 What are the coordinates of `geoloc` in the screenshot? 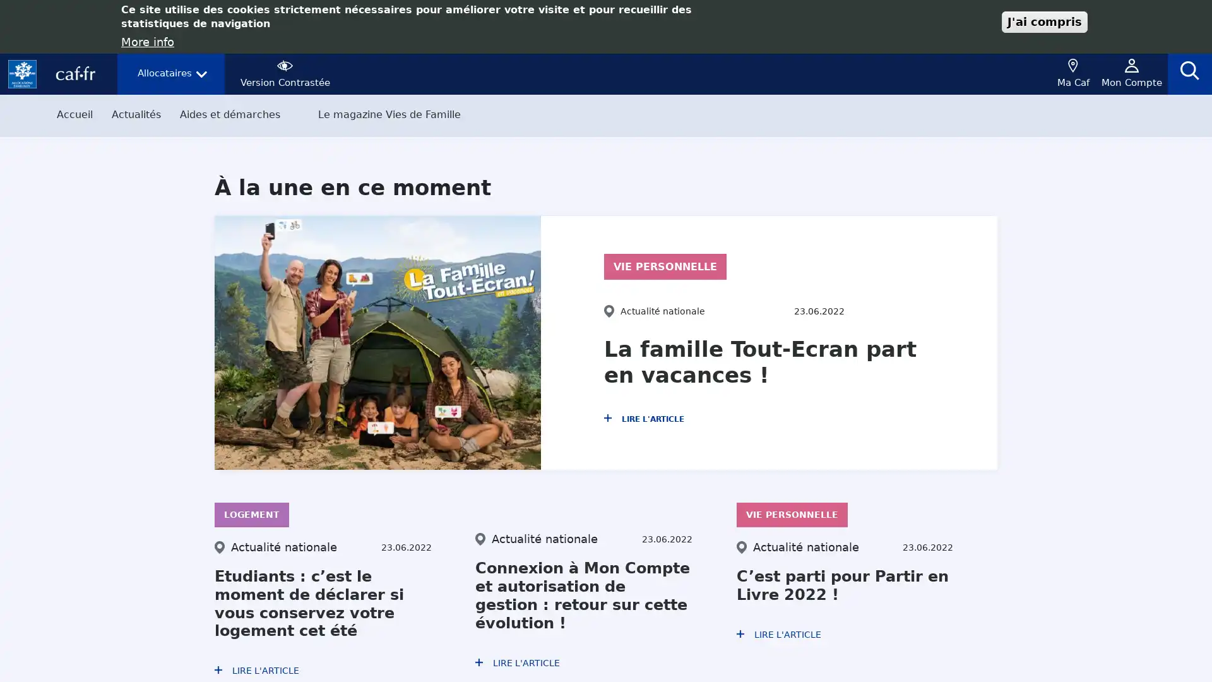 It's located at (1072, 73).